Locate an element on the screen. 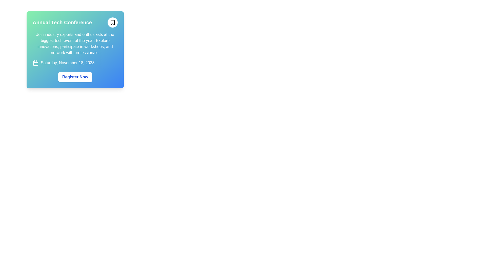 This screenshot has height=273, width=486. the 'Register Now' button located below the text 'Saturday, November 18, 2023' is located at coordinates (75, 77).